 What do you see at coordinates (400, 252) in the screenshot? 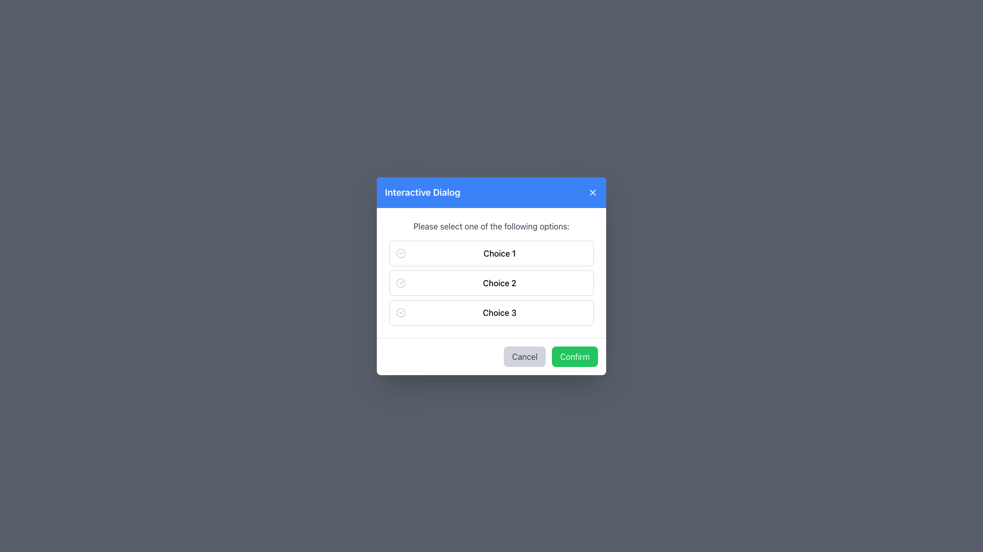
I see `the selection marker icon located at the leftmost part of the 'Choice 1' menu item` at bounding box center [400, 252].